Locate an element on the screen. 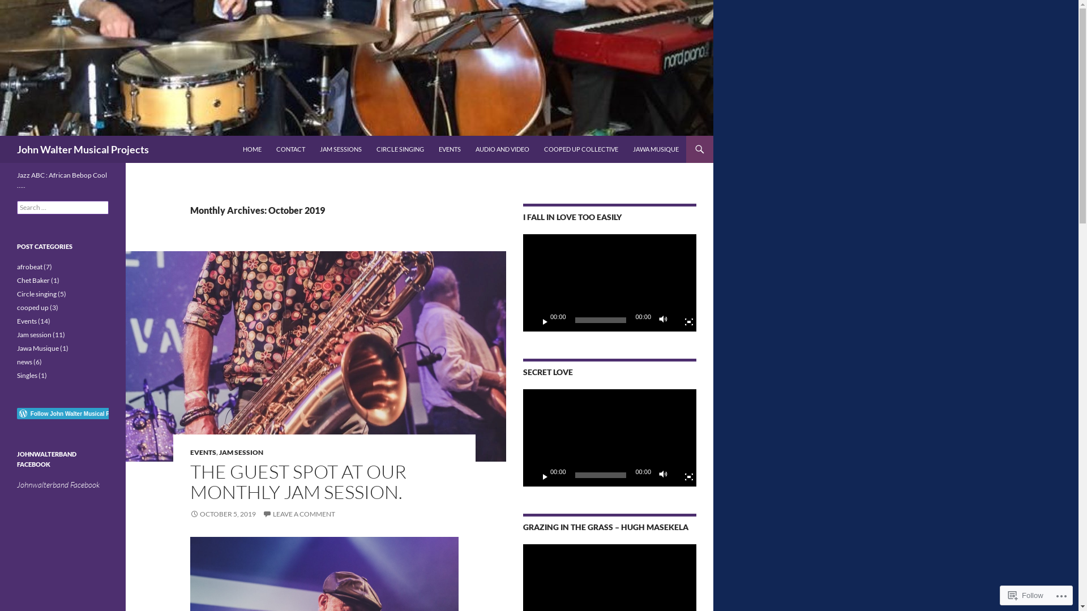 This screenshot has width=1087, height=611. 'EVENTS' is located at coordinates (431, 148).